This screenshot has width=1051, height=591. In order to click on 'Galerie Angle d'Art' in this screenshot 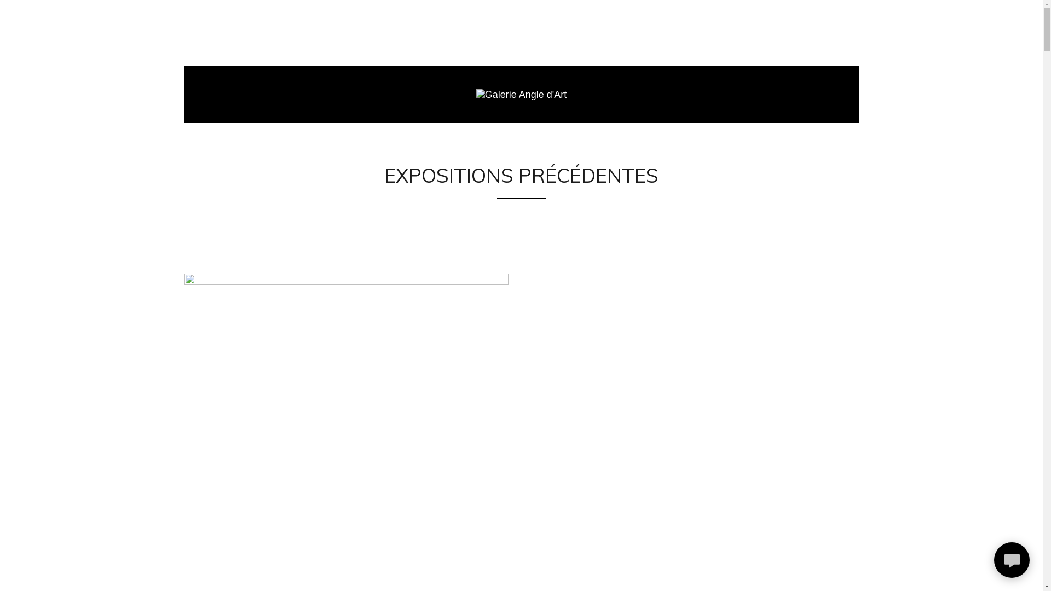, I will do `click(521, 94)`.